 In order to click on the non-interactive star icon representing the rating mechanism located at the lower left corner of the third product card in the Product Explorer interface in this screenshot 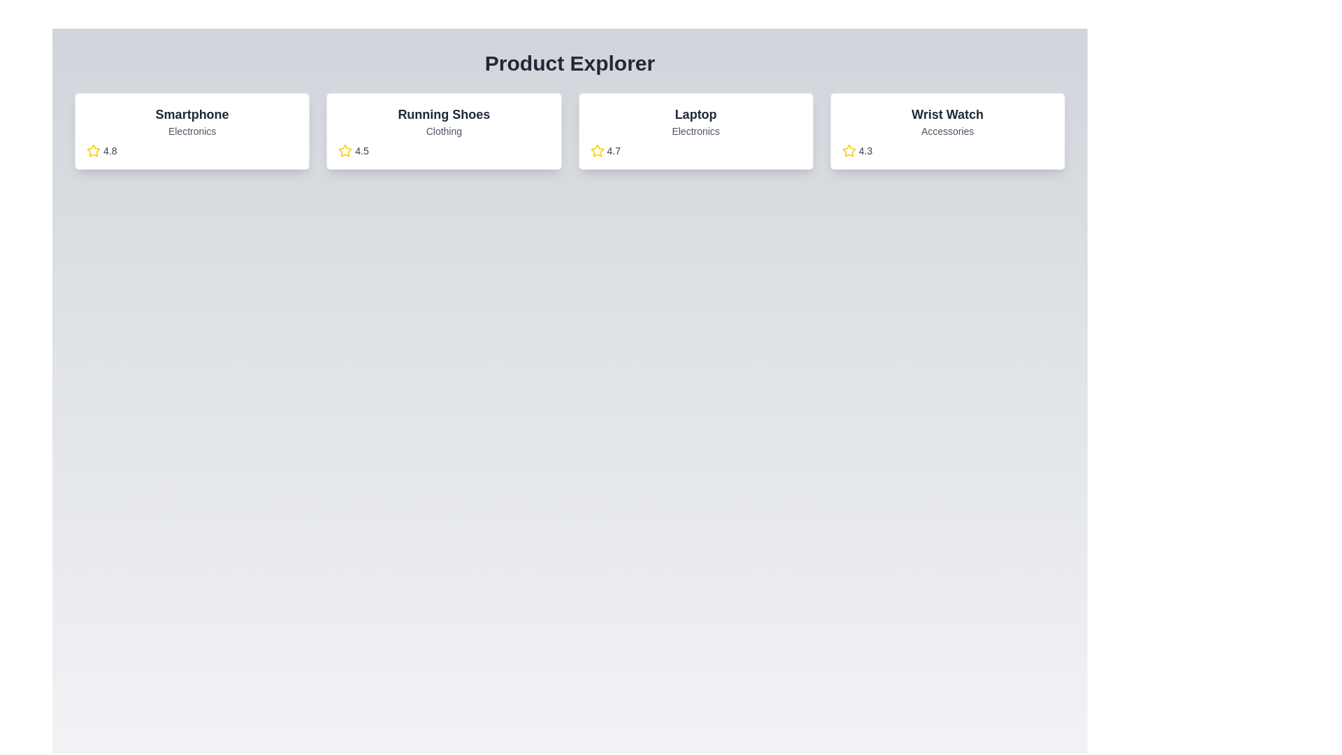, I will do `click(597, 150)`.